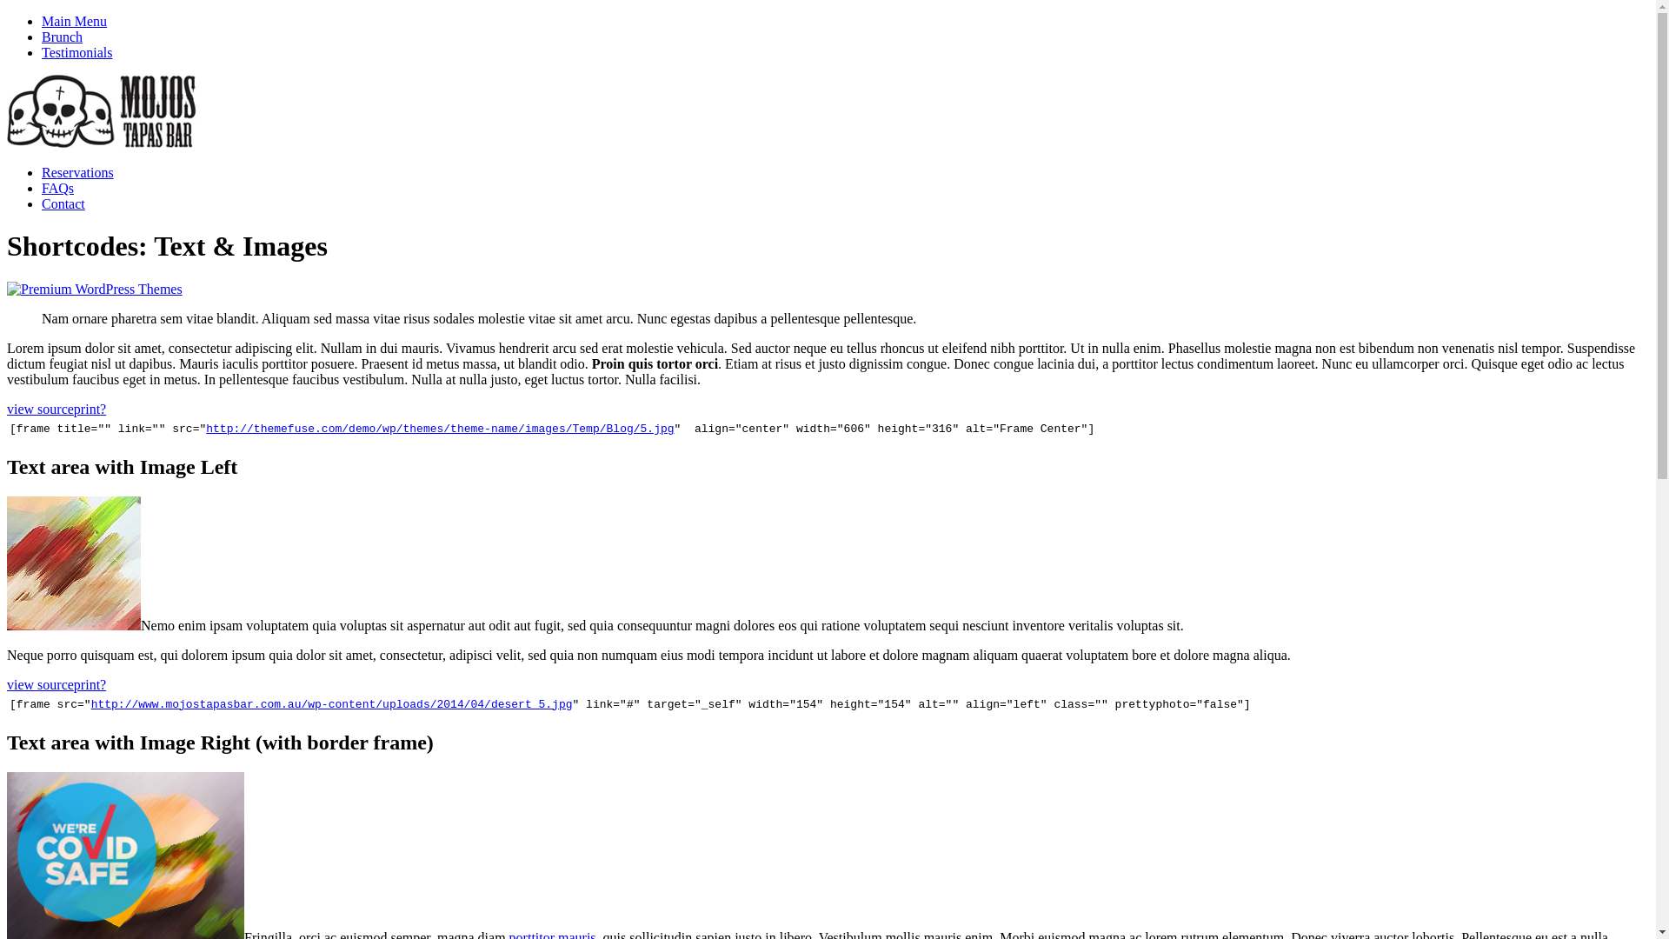  Describe the element at coordinates (76, 51) in the screenshot. I see `'Testimonials'` at that location.